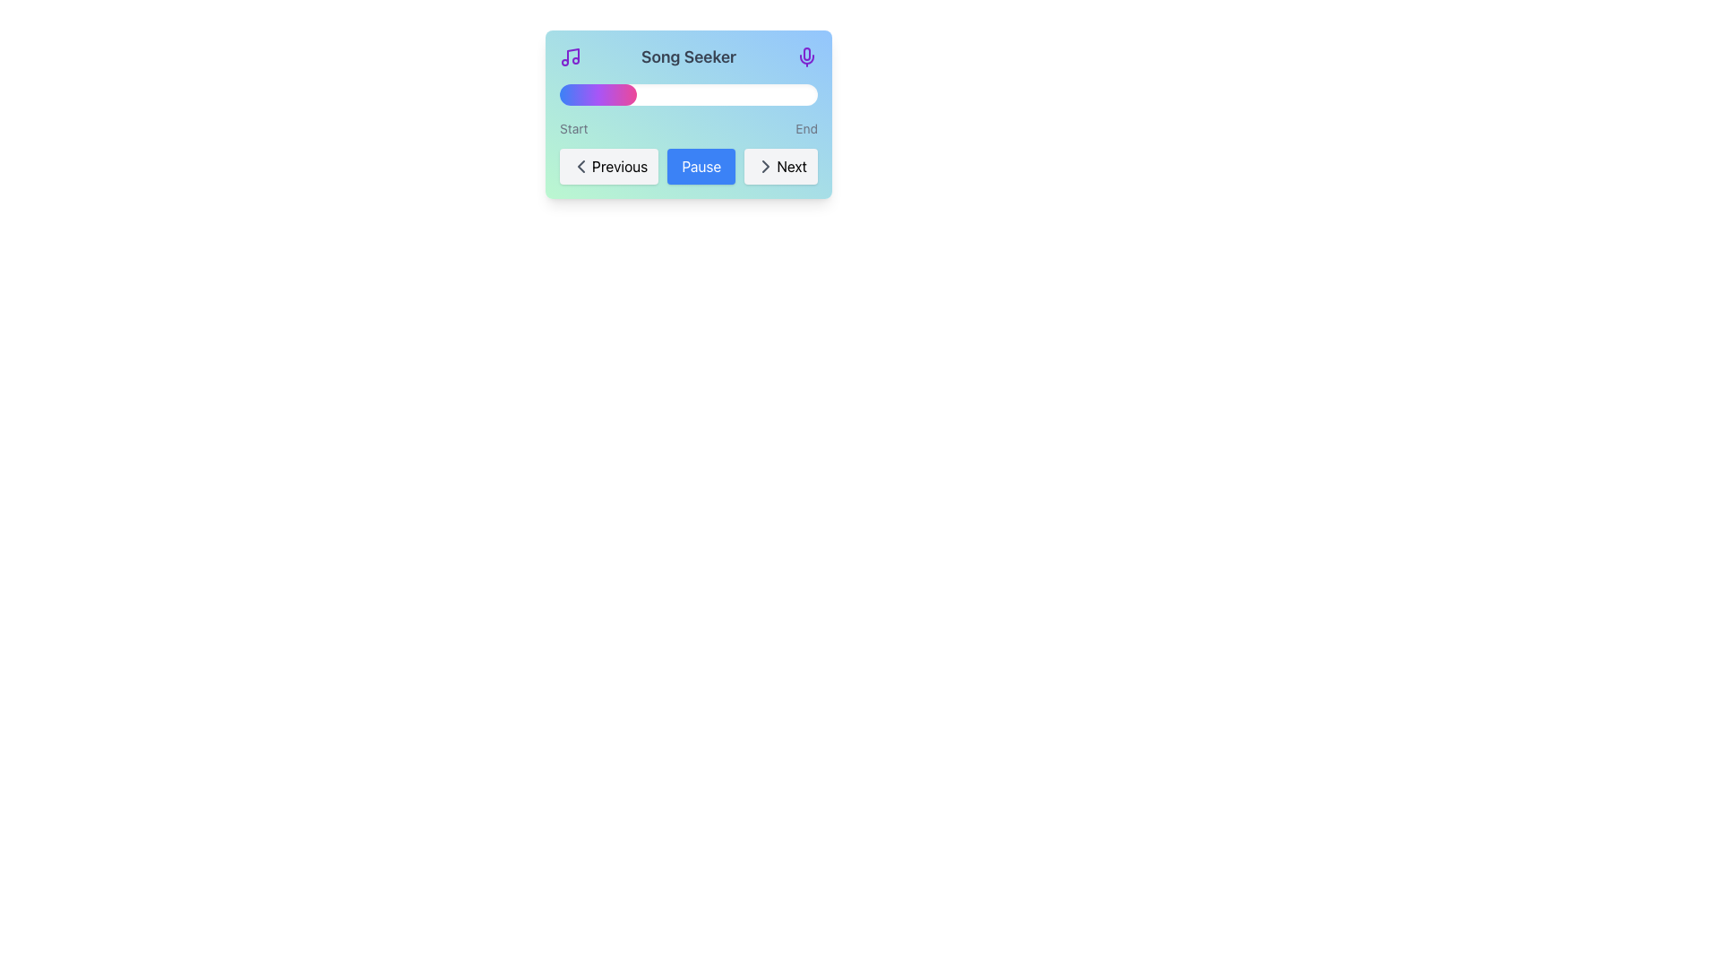 The height and width of the screenshot is (968, 1720). What do you see at coordinates (806, 56) in the screenshot?
I see `the microphone icon, which is styled in purple and outlined, located on the far right side of the header section, aligned with the title 'Song Seeker'` at bounding box center [806, 56].